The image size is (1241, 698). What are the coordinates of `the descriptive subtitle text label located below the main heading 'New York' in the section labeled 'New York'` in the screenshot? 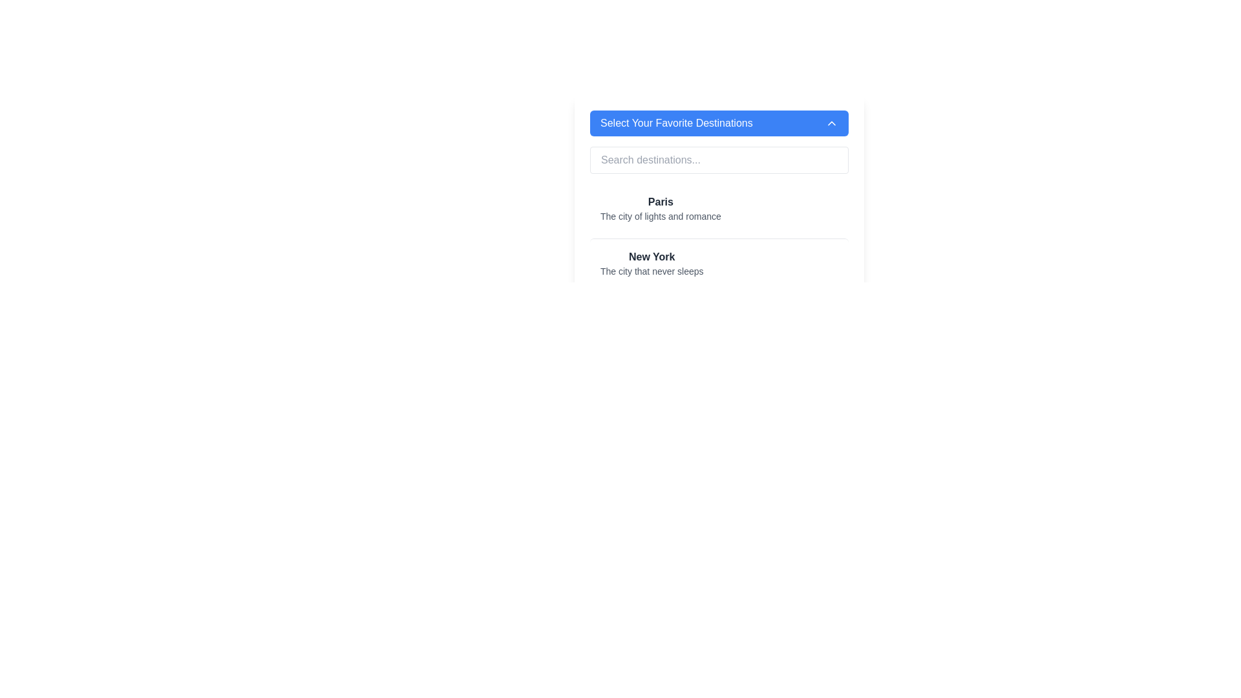 It's located at (652, 271).